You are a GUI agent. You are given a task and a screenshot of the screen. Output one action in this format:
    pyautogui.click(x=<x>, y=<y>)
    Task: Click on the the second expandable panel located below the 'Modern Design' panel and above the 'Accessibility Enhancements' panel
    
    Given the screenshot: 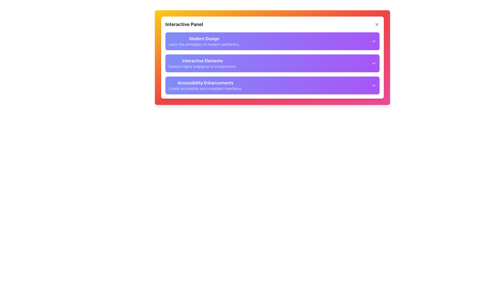 What is the action you would take?
    pyautogui.click(x=272, y=58)
    